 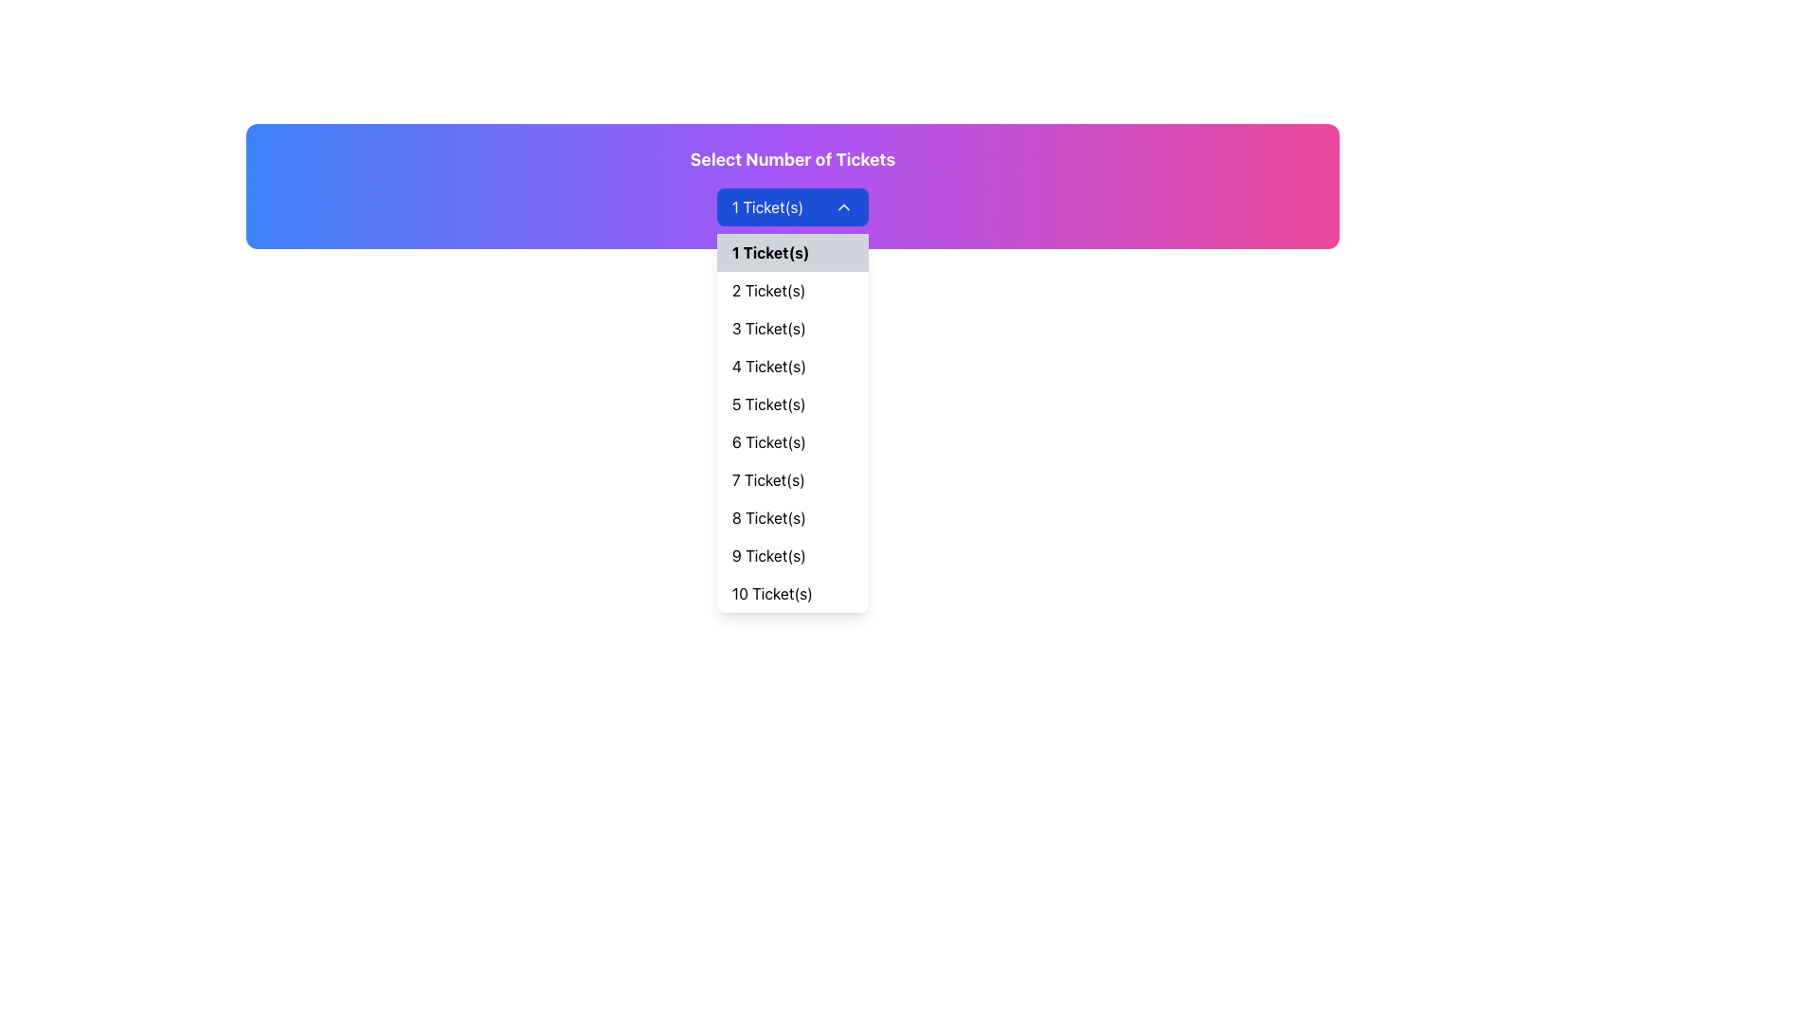 I want to click on the list item displaying '3 Ticket(s)' in the dropdown menu for ticket quantities, so click(x=792, y=328).